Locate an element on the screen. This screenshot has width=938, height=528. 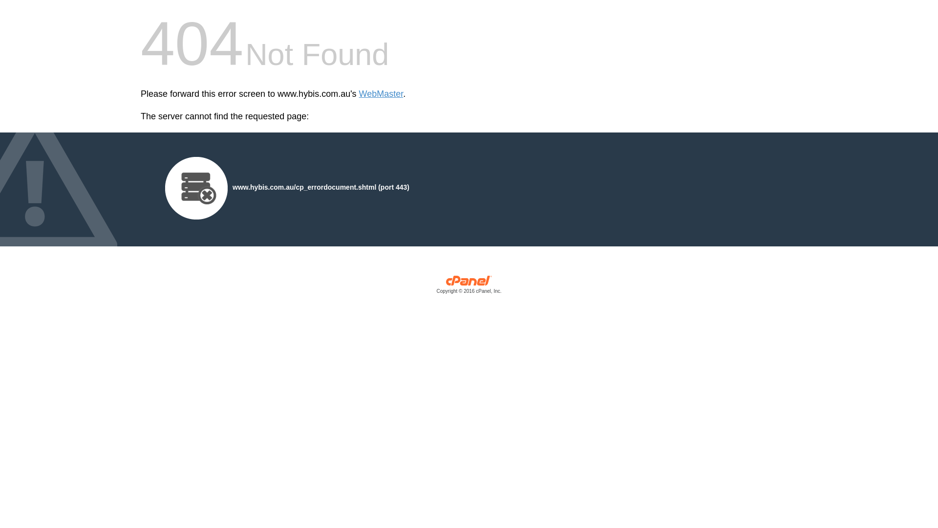
'WebMaster' is located at coordinates (381, 94).